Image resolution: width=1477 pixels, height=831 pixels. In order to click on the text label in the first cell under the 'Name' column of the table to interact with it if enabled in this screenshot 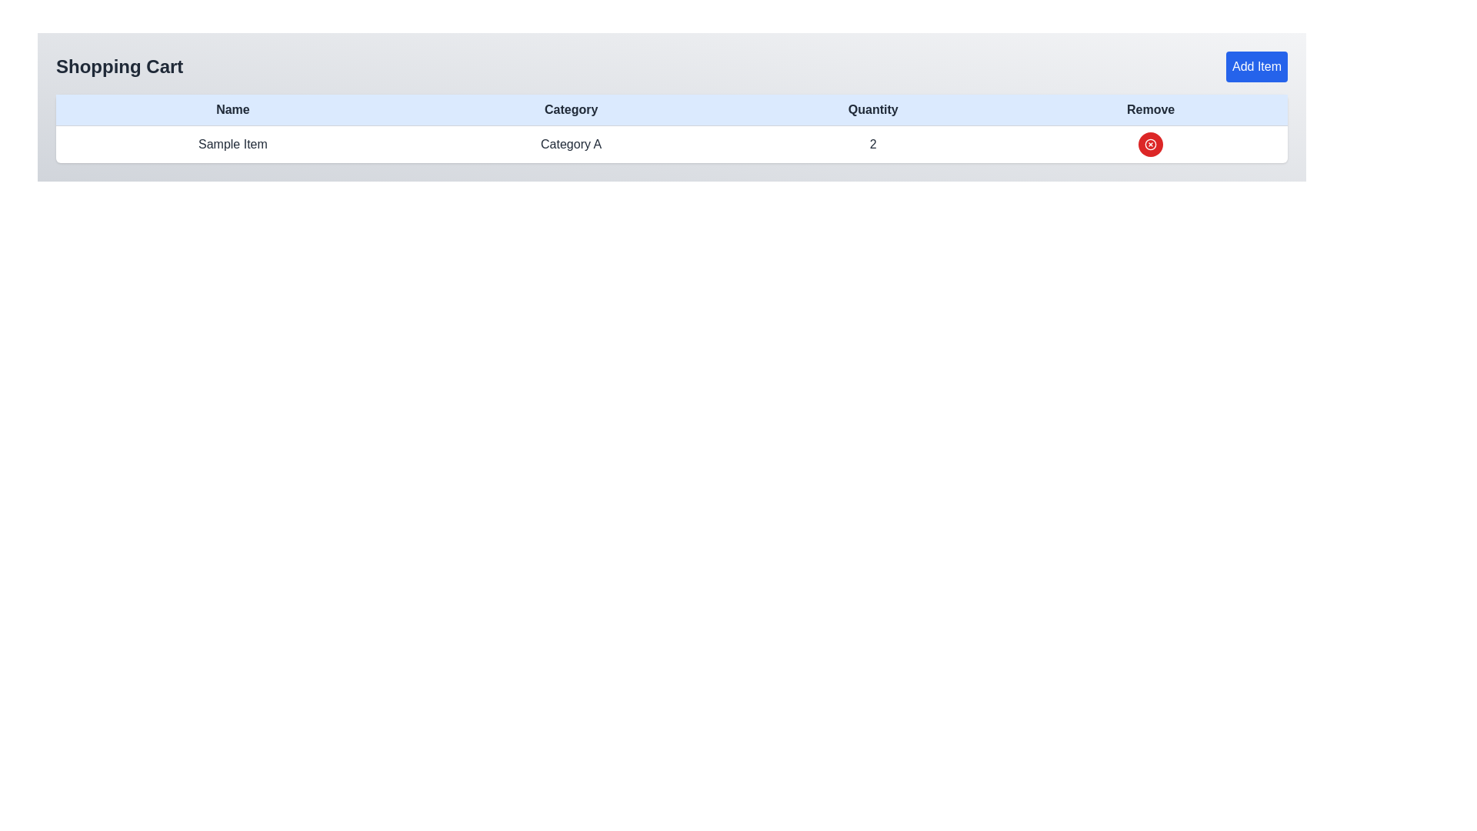, I will do `click(232, 144)`.